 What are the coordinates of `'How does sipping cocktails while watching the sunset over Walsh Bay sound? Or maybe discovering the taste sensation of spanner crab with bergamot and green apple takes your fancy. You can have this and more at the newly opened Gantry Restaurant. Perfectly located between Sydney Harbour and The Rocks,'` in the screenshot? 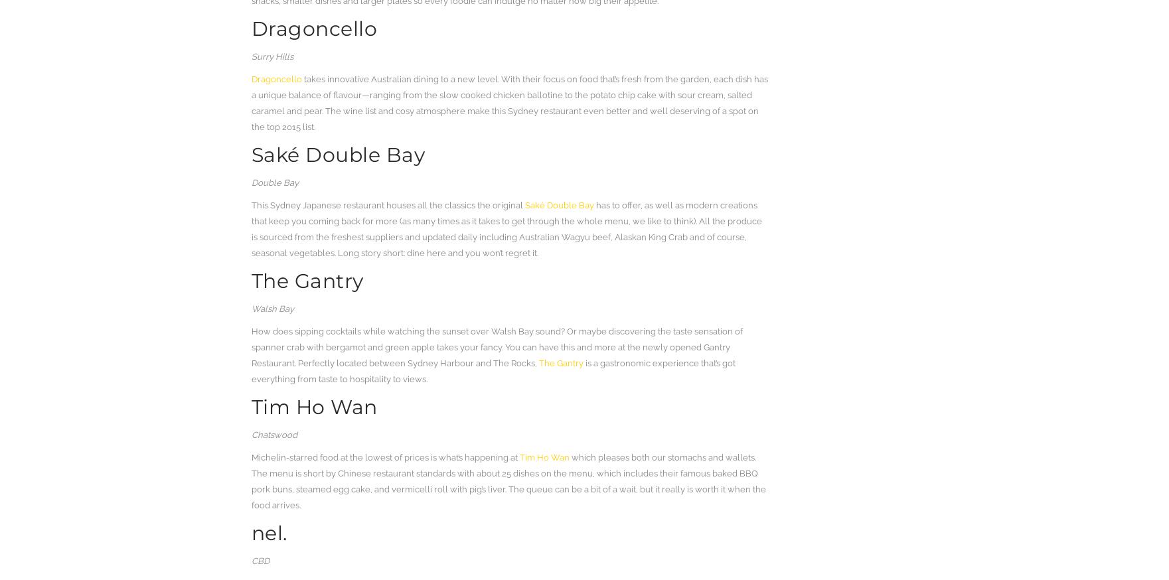 It's located at (497, 347).